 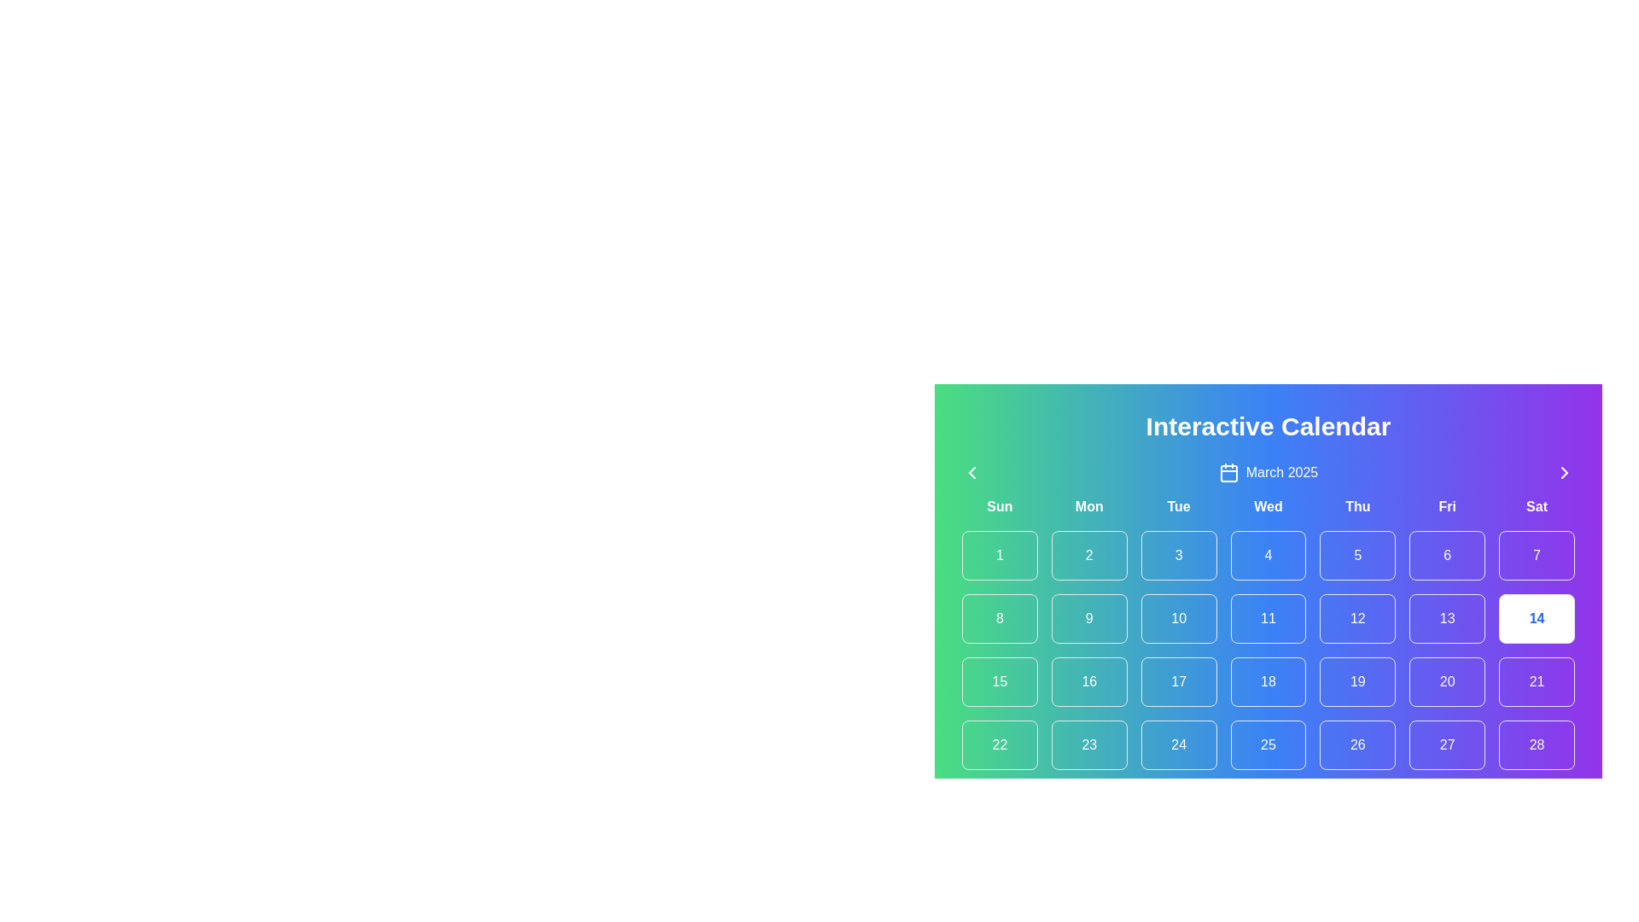 What do you see at coordinates (1269, 744) in the screenshot?
I see `the light blue rectangular button labeled '25' in the calendar grid to trigger visual feedback` at bounding box center [1269, 744].